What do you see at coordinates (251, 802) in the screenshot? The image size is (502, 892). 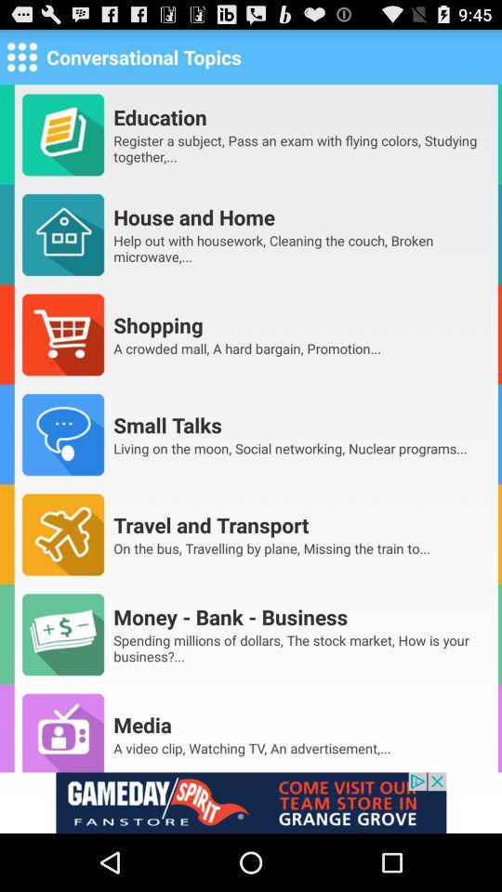 I see `open advertisement` at bounding box center [251, 802].